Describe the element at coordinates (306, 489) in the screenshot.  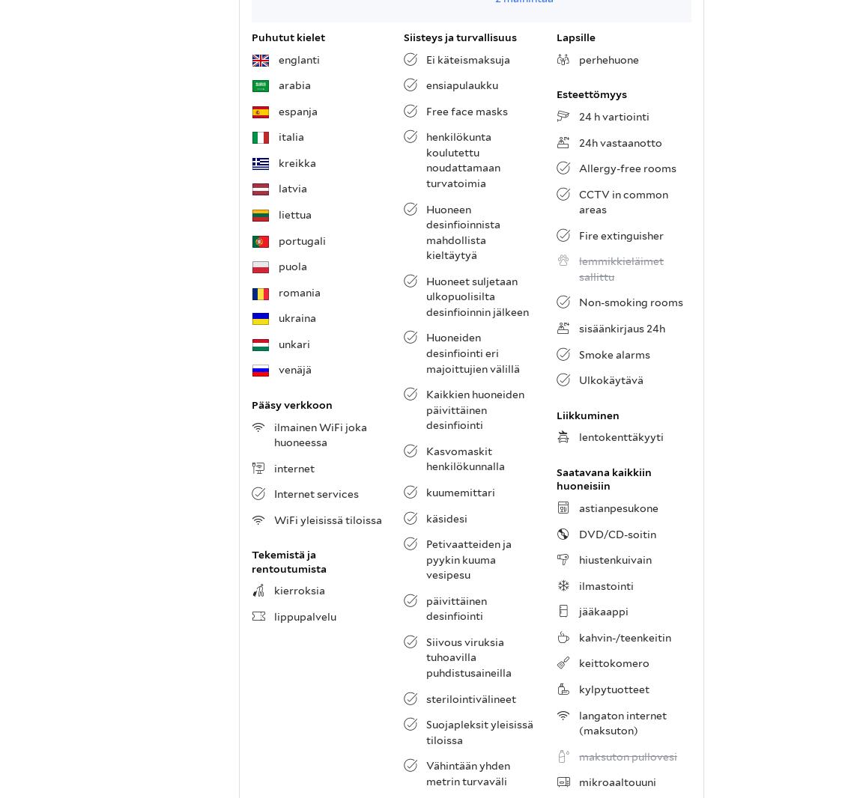
I see `'Miksi majoittua tänne'` at that location.